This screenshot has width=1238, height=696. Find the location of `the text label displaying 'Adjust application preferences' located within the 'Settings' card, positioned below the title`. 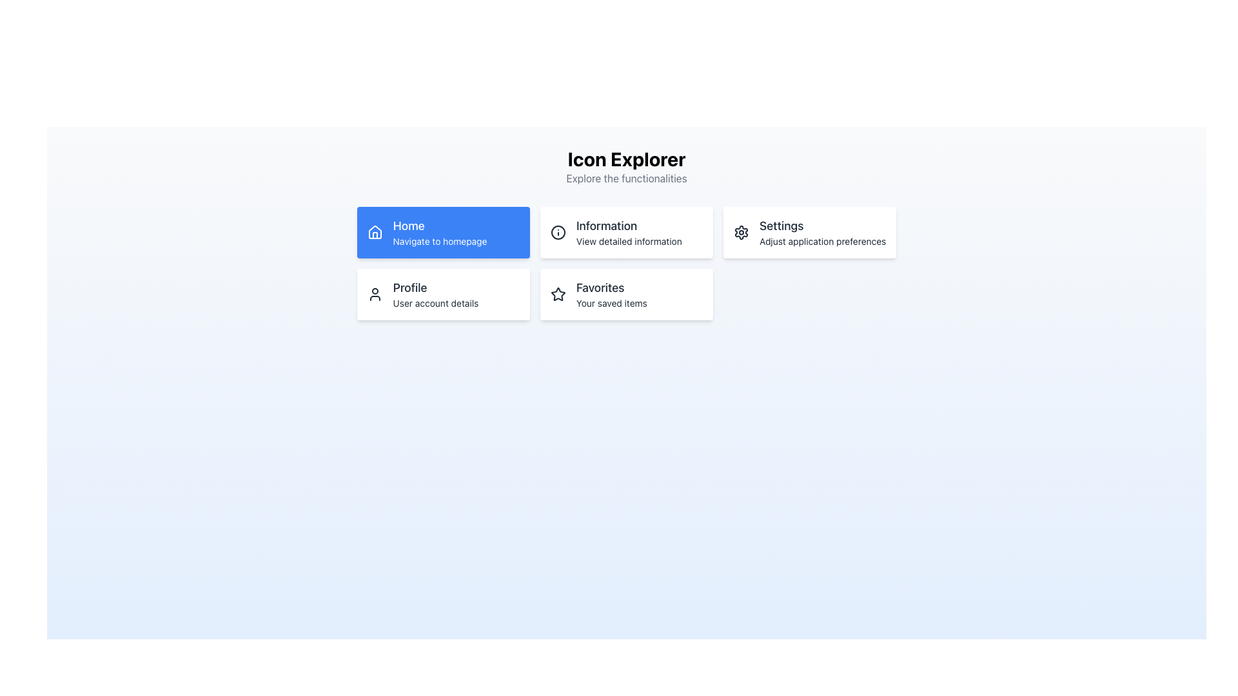

the text label displaying 'Adjust application preferences' located within the 'Settings' card, positioned below the title is located at coordinates (822, 241).